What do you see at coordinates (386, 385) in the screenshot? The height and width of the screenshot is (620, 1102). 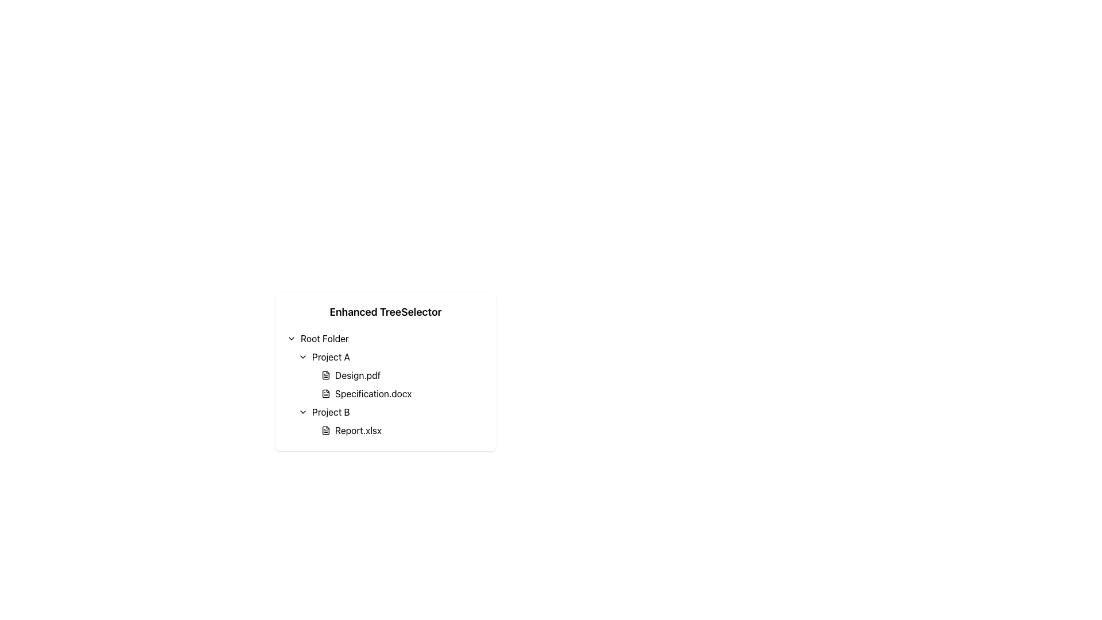 I see `the file item named 'Design.pdf' in the tree view structure under 'Project A'` at bounding box center [386, 385].